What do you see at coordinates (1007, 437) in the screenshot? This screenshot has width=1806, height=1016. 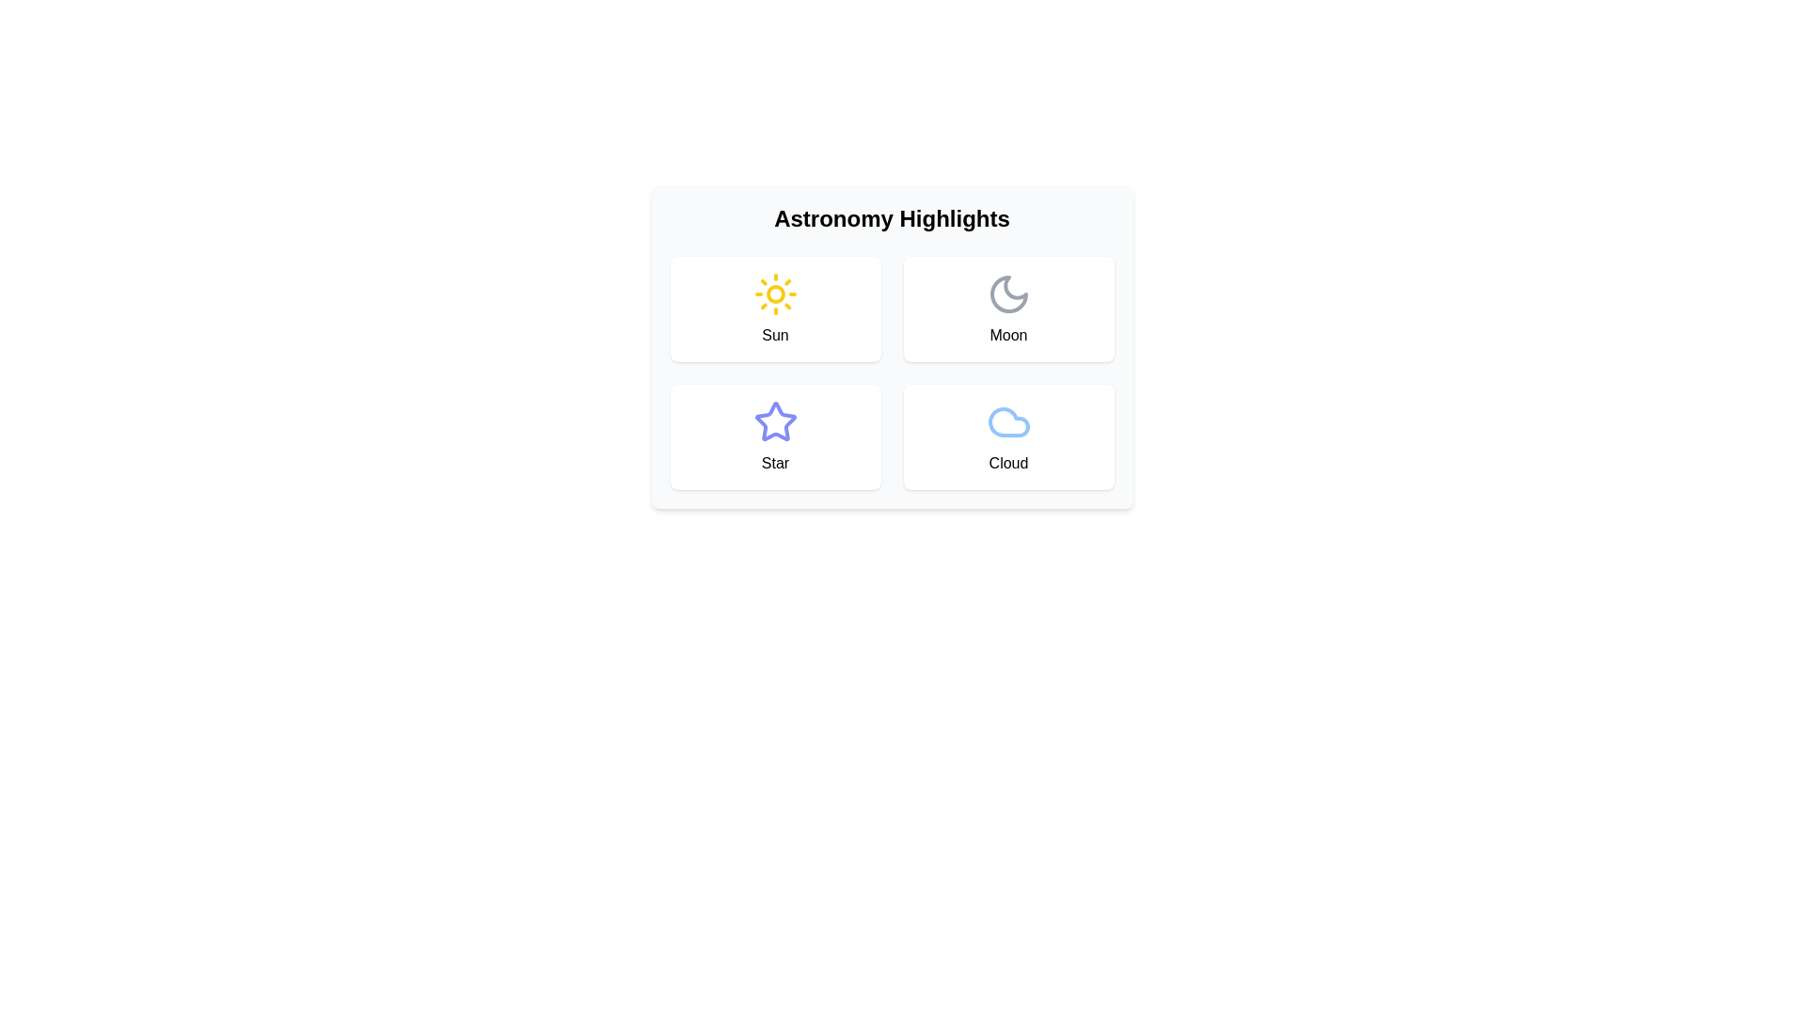 I see `the rectangular card with a cloud-shaped icon and 'Cloud' label, located in the bottom-right corner of the grid layout` at bounding box center [1007, 437].